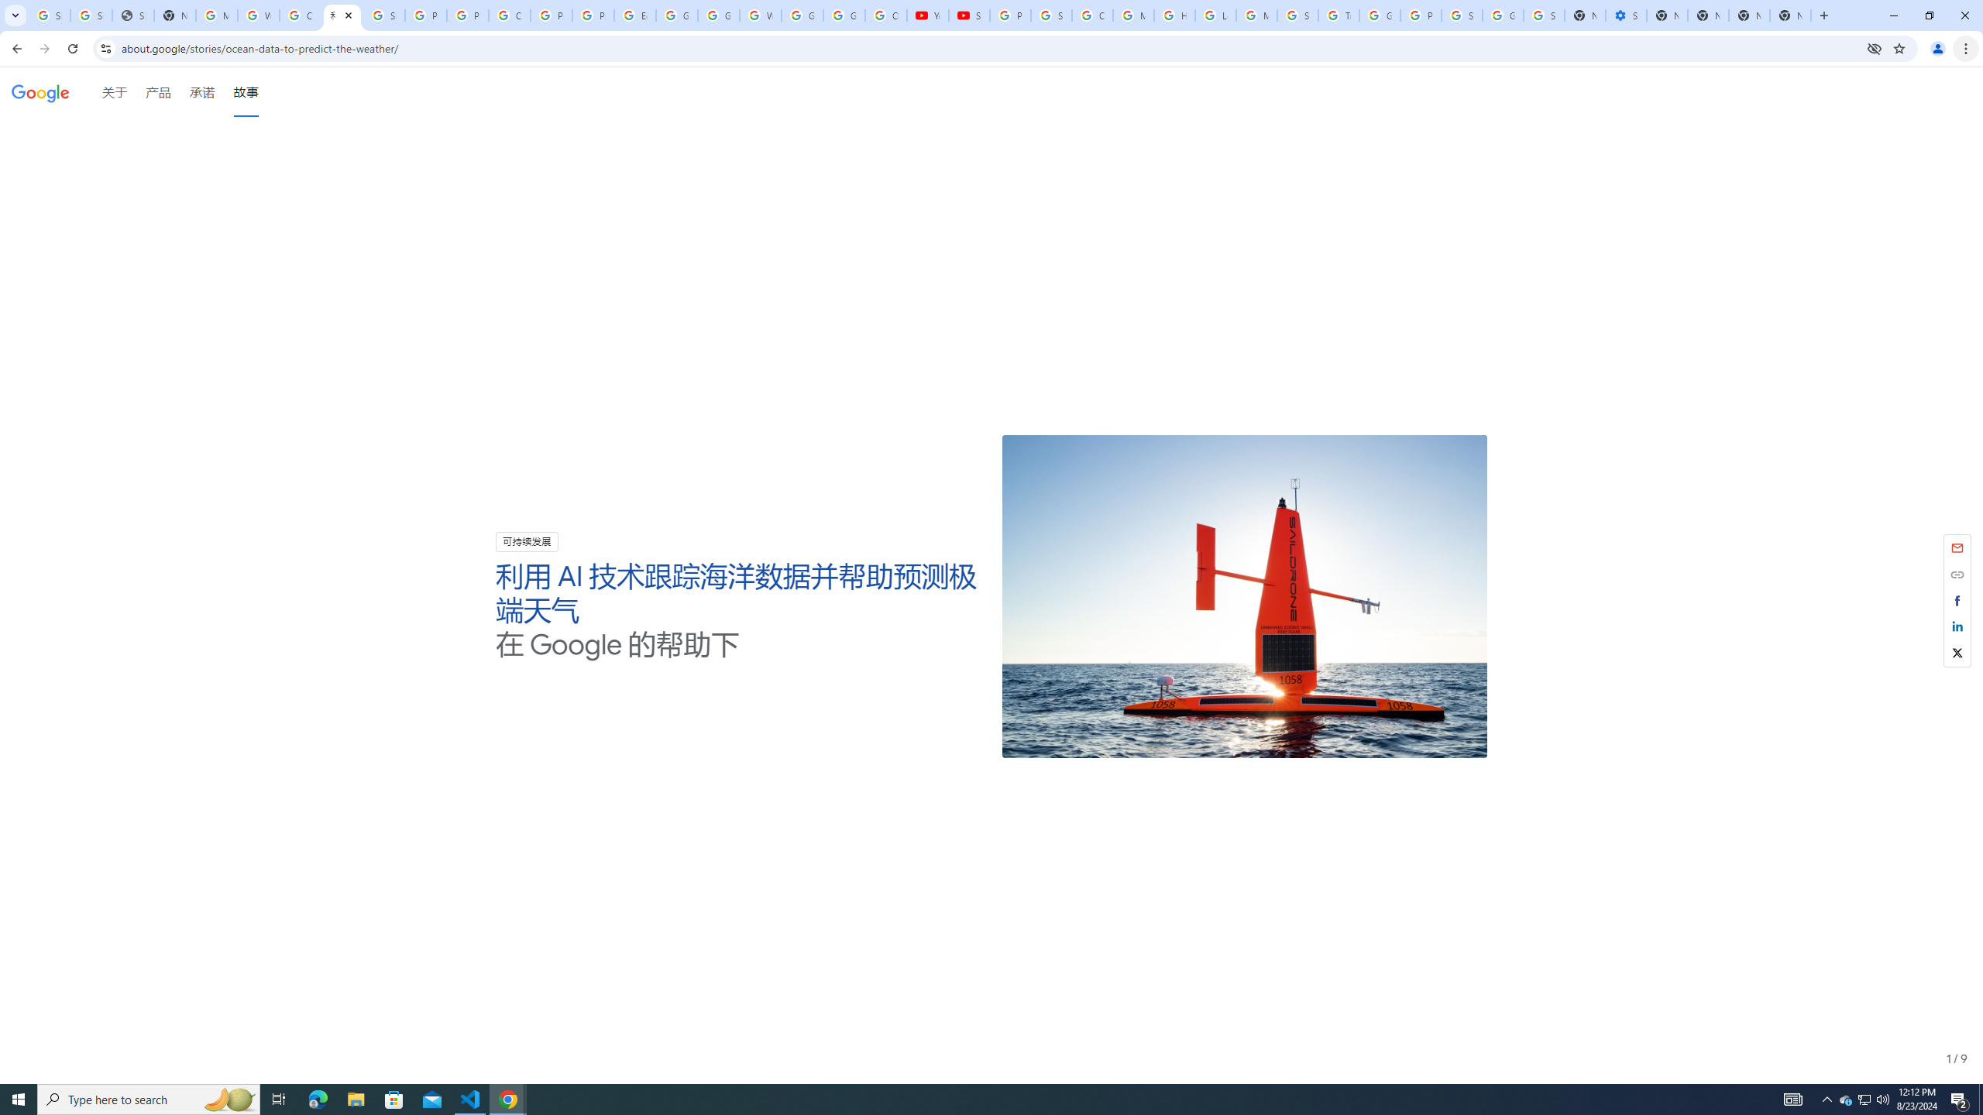  Describe the element at coordinates (1461, 15) in the screenshot. I see `'Sign in - Google Accounts'` at that location.